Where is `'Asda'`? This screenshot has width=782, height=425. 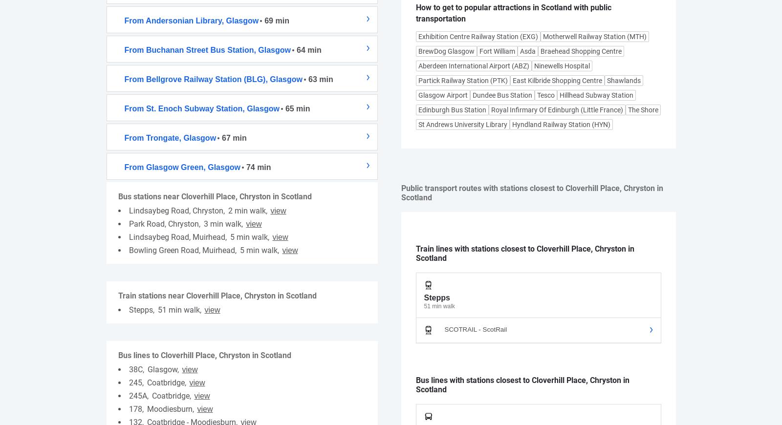
'Asda' is located at coordinates (527, 51).